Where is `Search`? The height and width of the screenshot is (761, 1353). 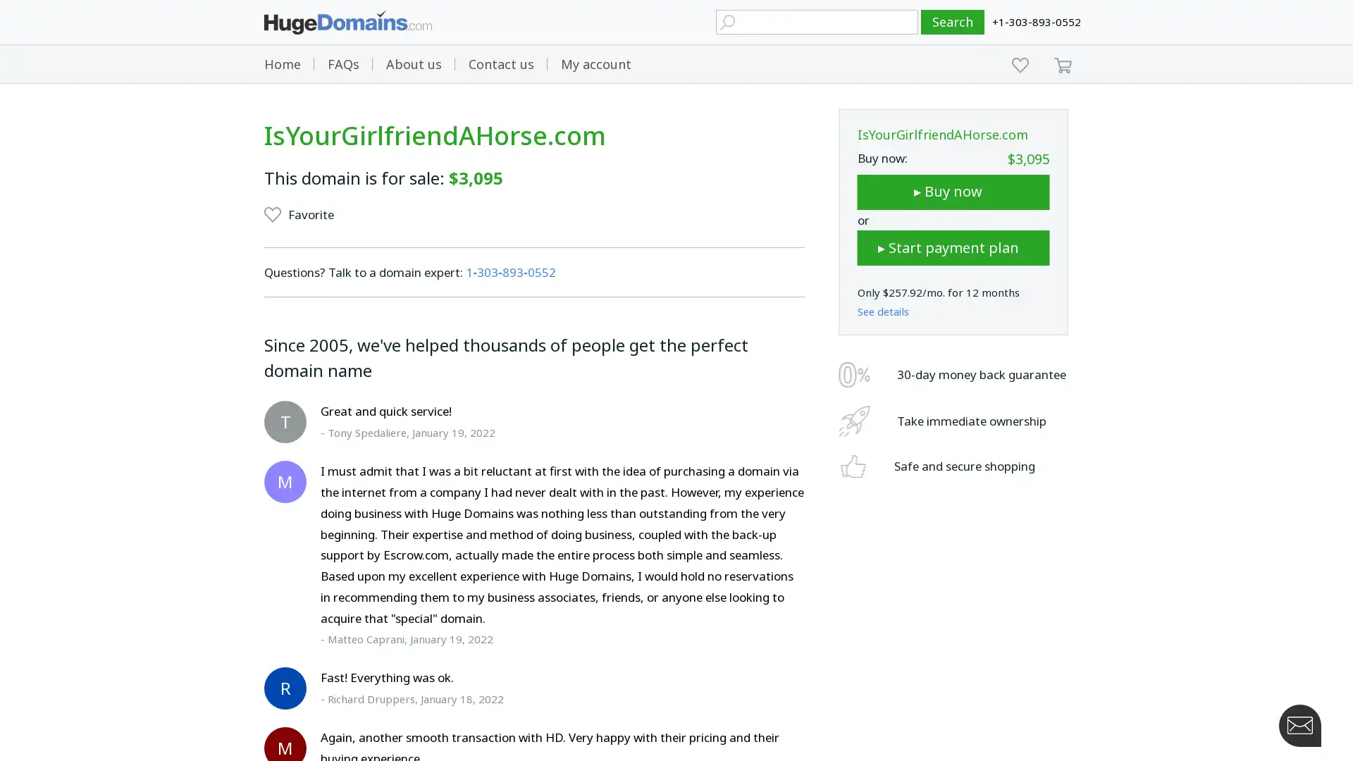
Search is located at coordinates (953, 22).